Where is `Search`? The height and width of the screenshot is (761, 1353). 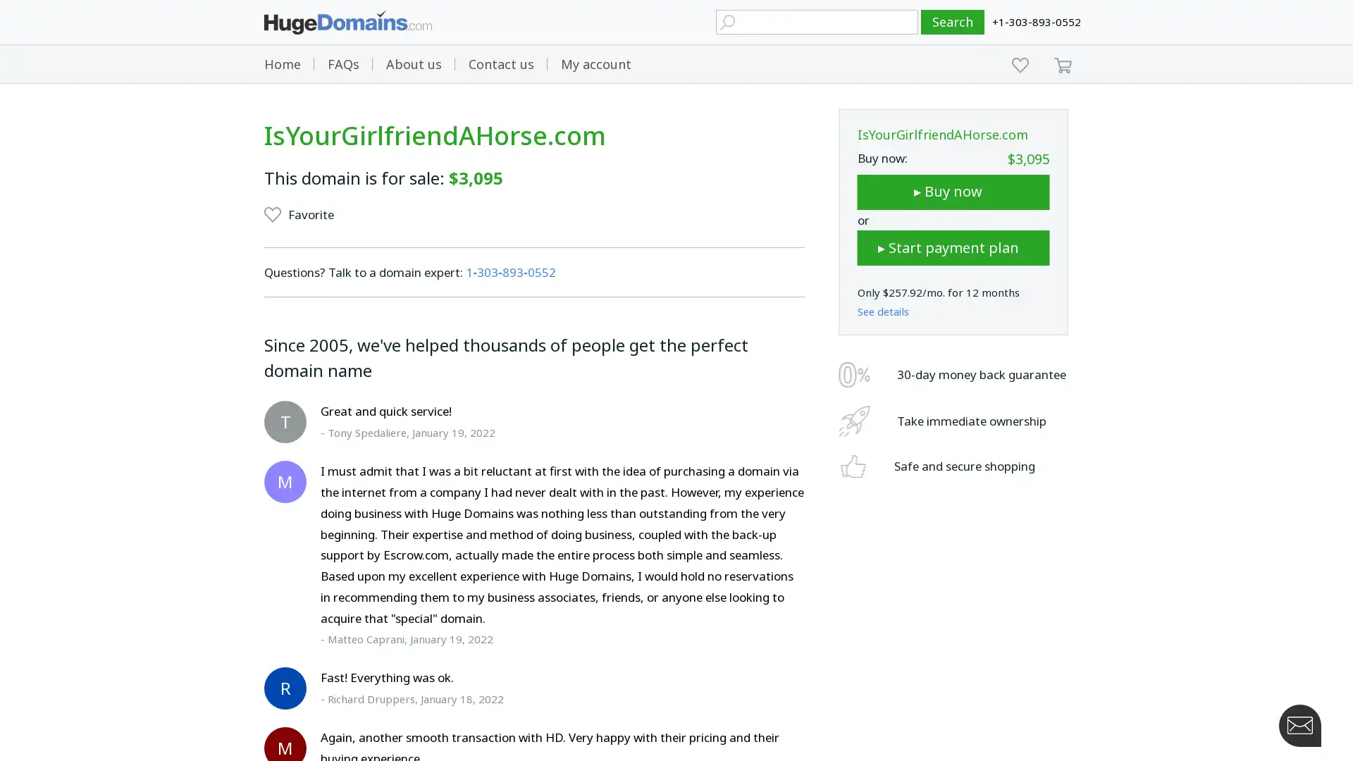
Search is located at coordinates (953, 22).